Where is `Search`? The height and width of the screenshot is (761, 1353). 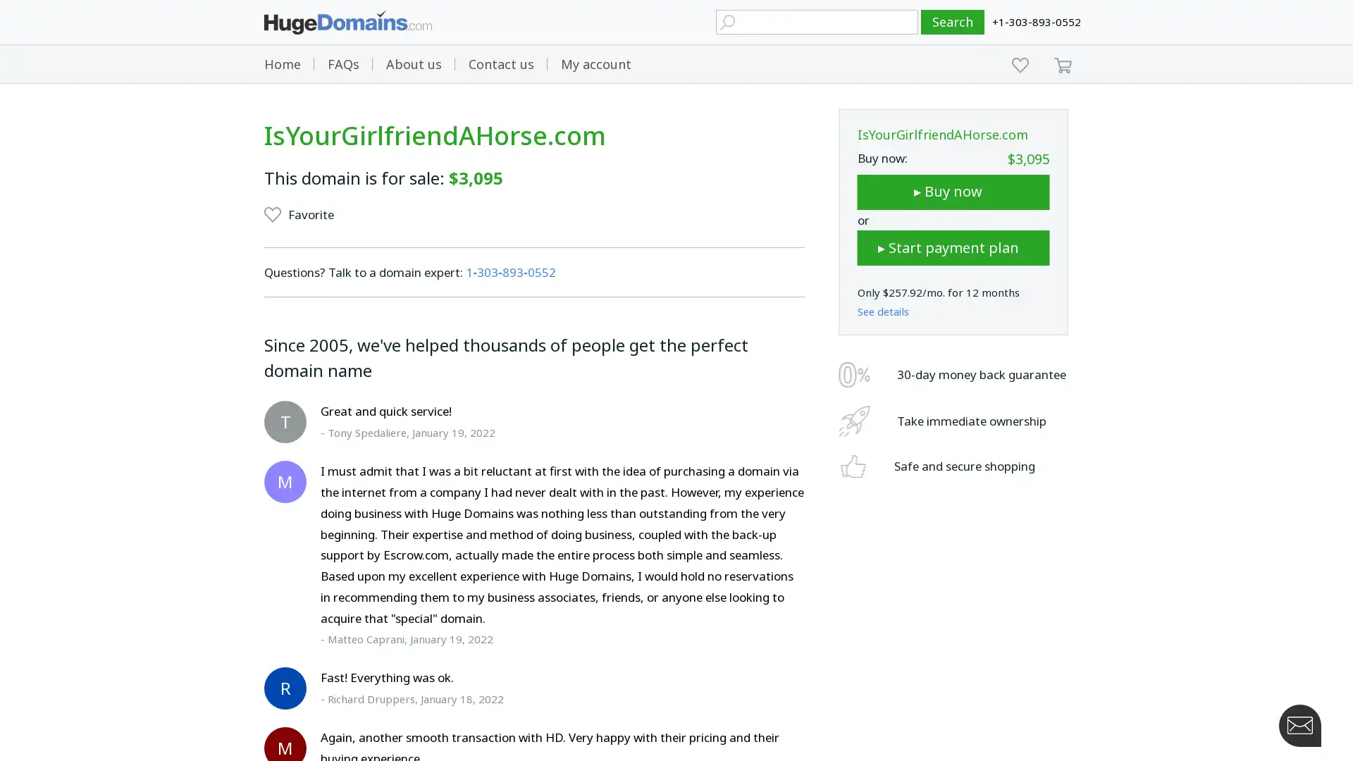
Search is located at coordinates (953, 22).